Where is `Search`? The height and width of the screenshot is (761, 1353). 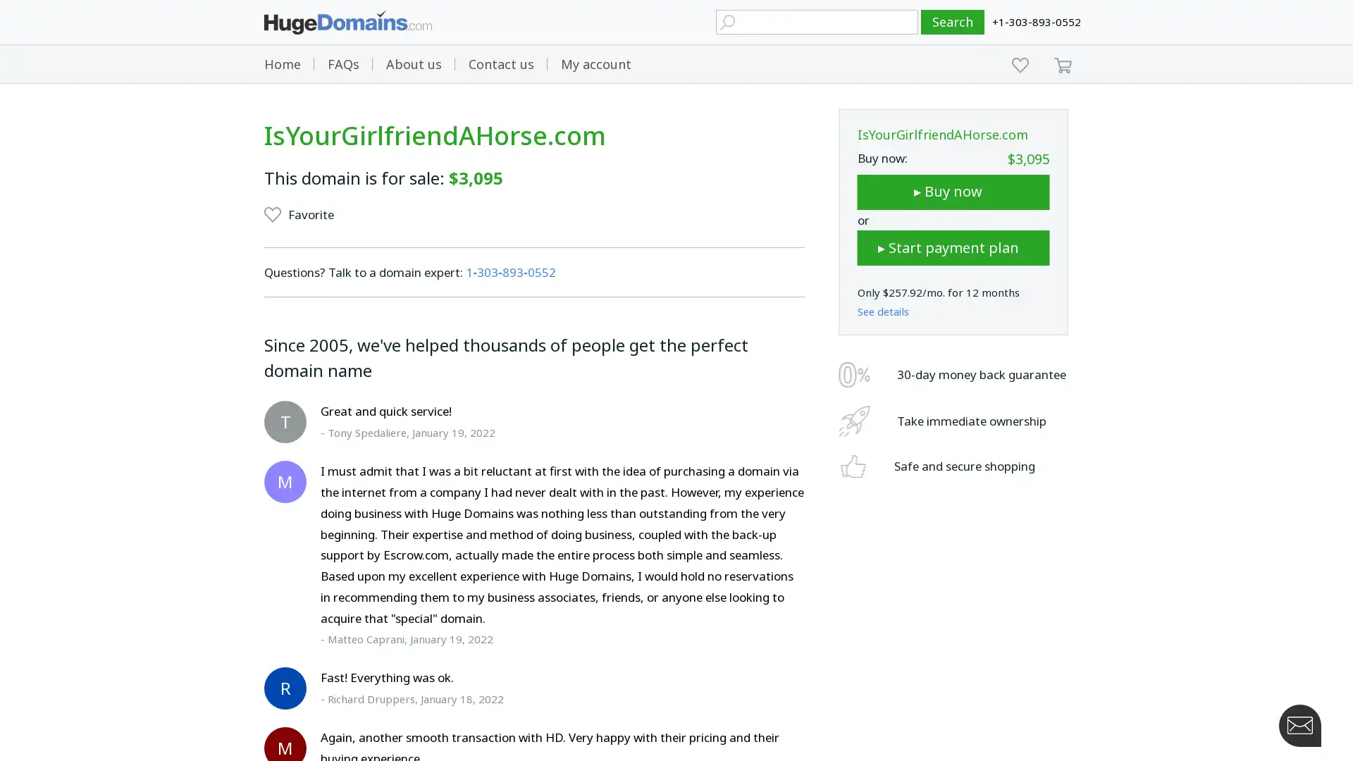
Search is located at coordinates (953, 22).